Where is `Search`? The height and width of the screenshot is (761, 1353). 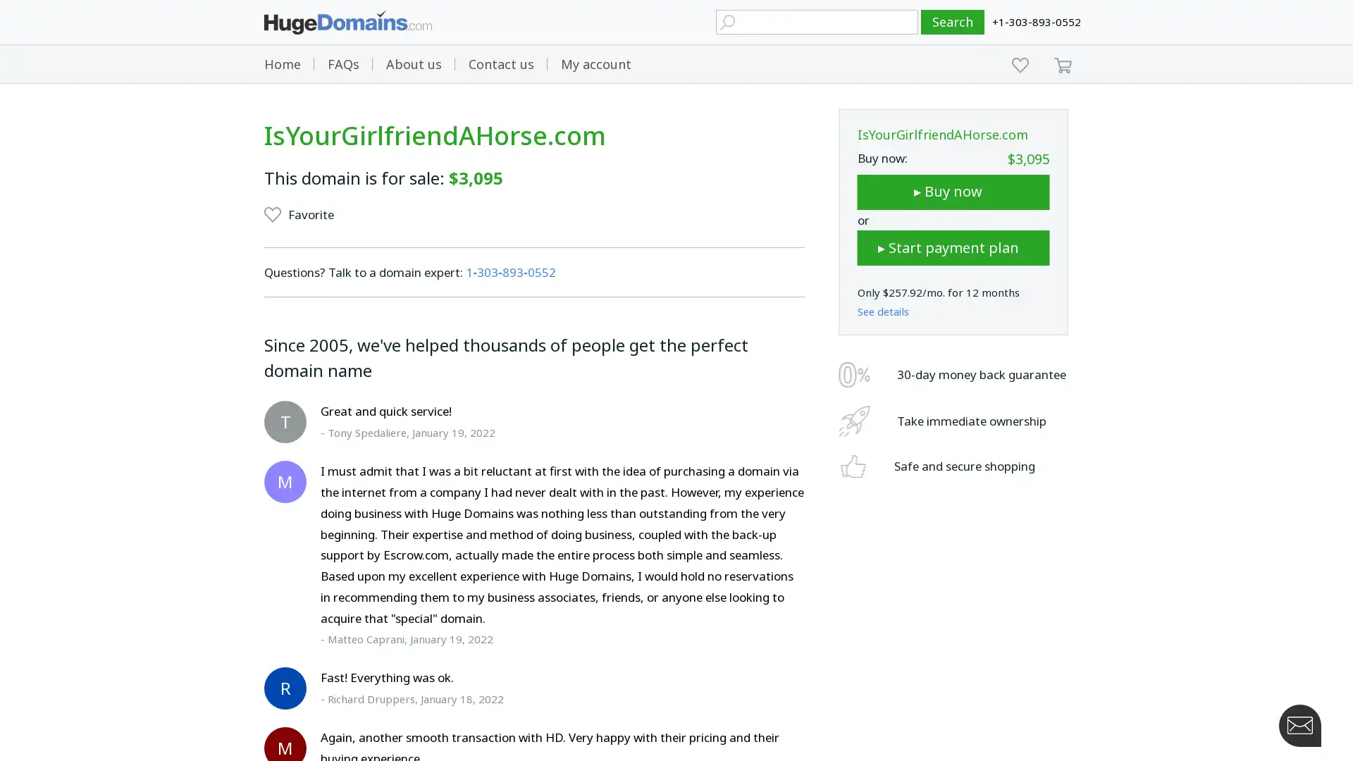
Search is located at coordinates (953, 22).